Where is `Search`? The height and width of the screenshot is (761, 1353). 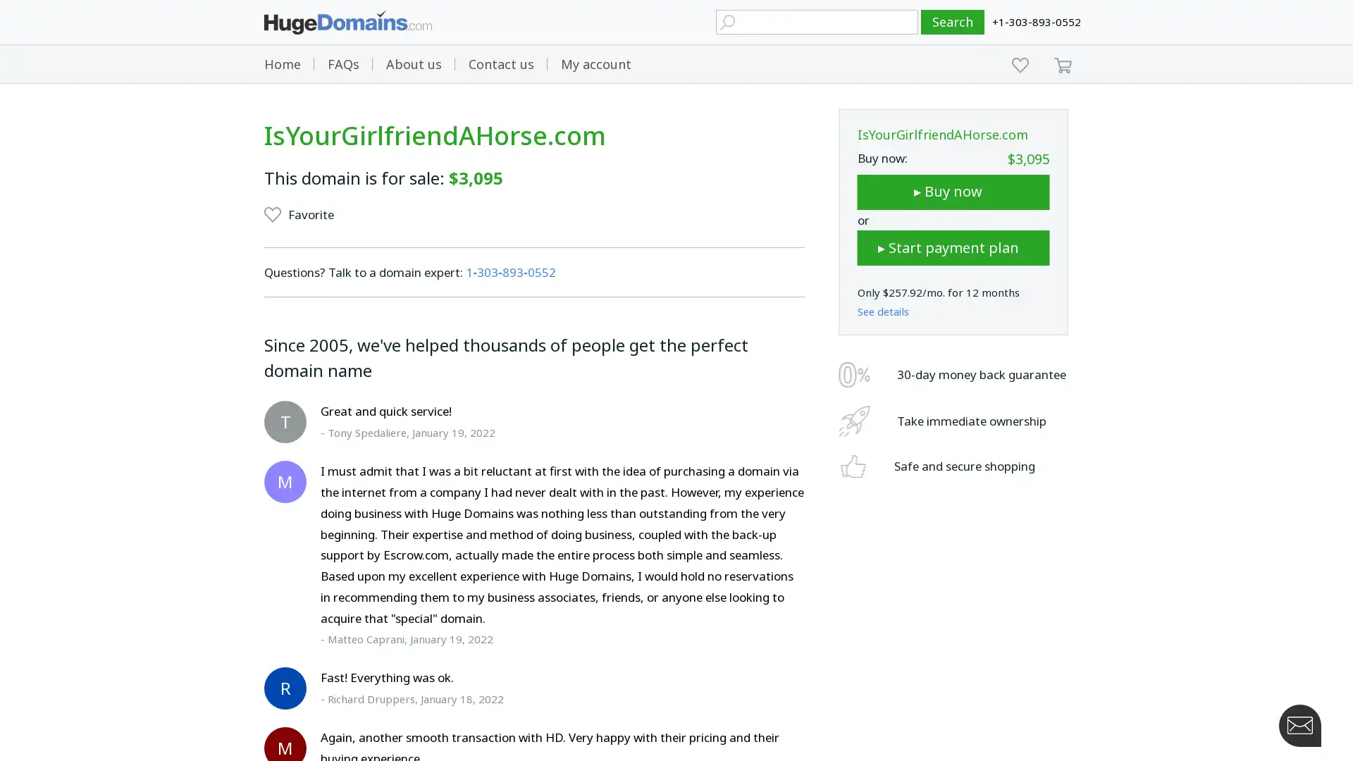
Search is located at coordinates (953, 22).